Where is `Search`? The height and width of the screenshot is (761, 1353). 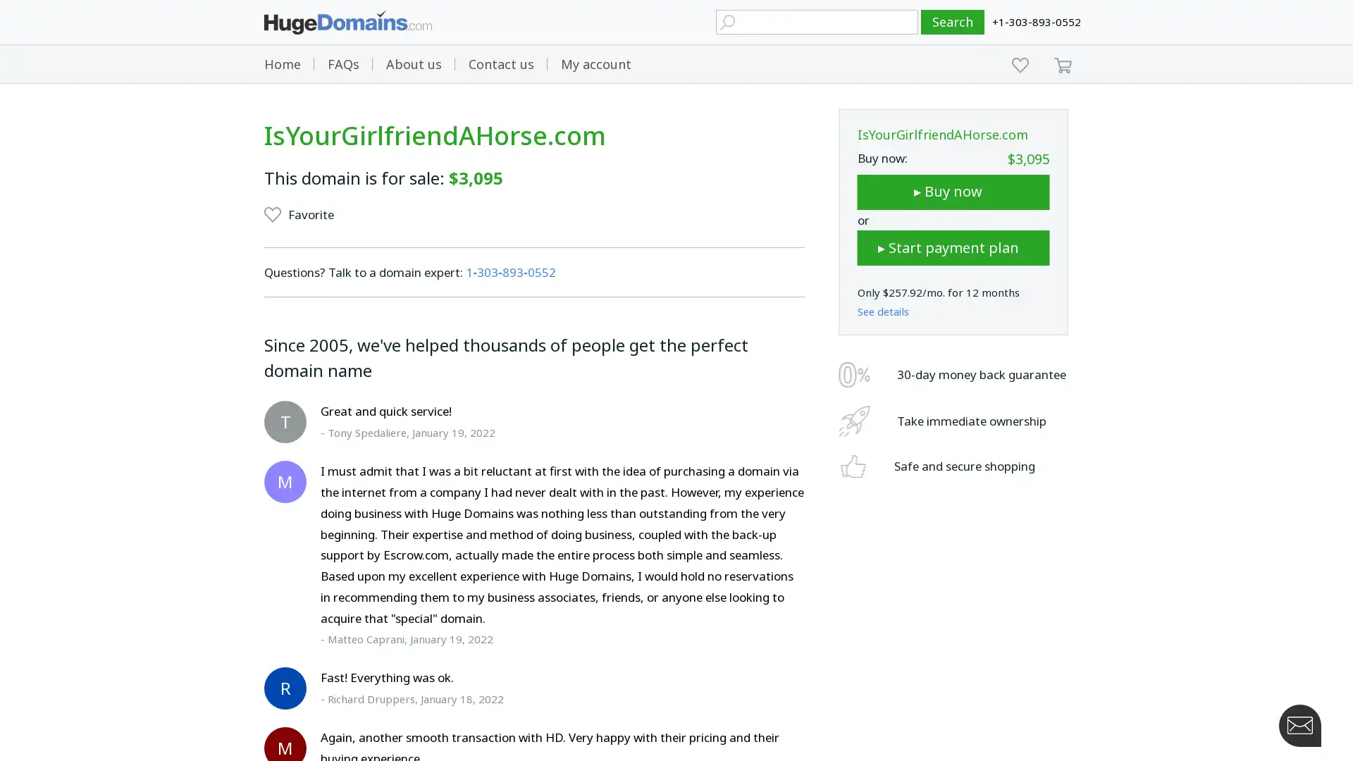
Search is located at coordinates (953, 22).